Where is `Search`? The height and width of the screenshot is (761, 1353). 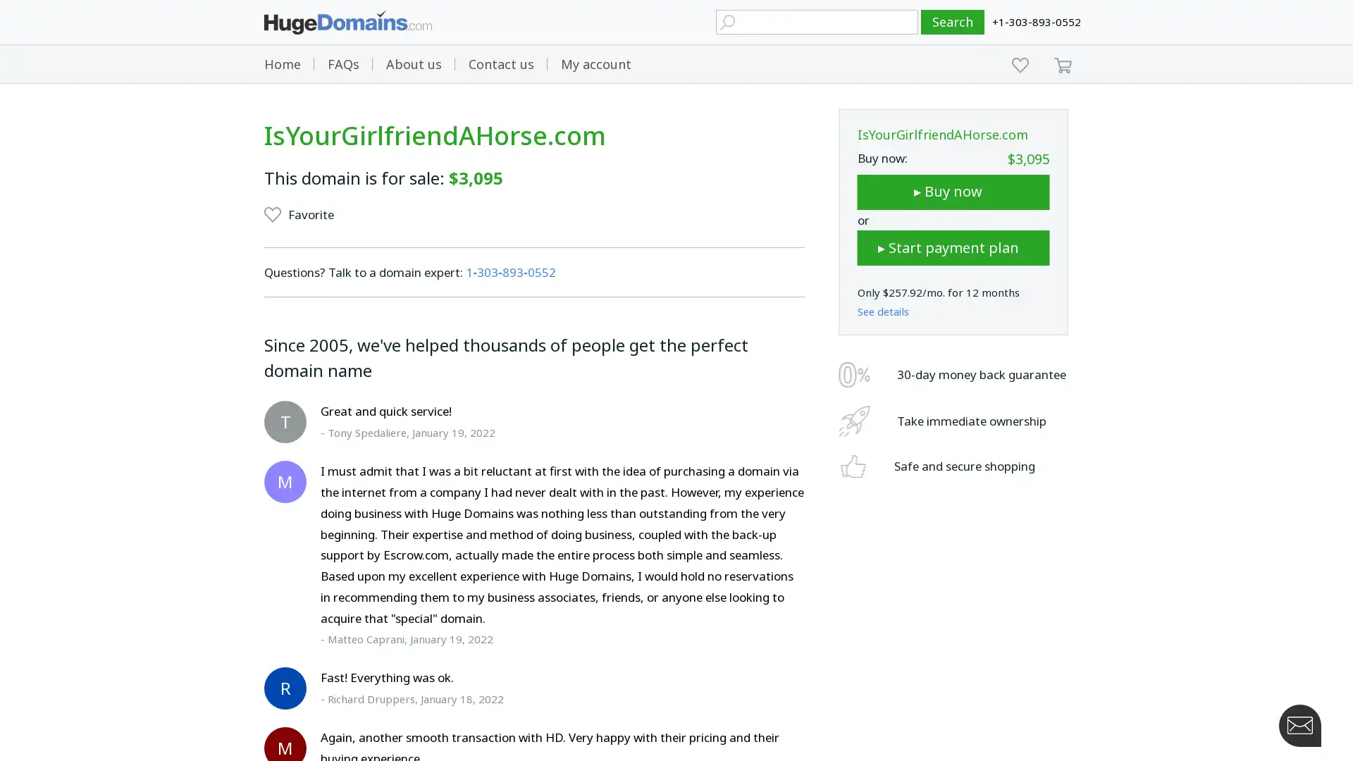
Search is located at coordinates (953, 22).